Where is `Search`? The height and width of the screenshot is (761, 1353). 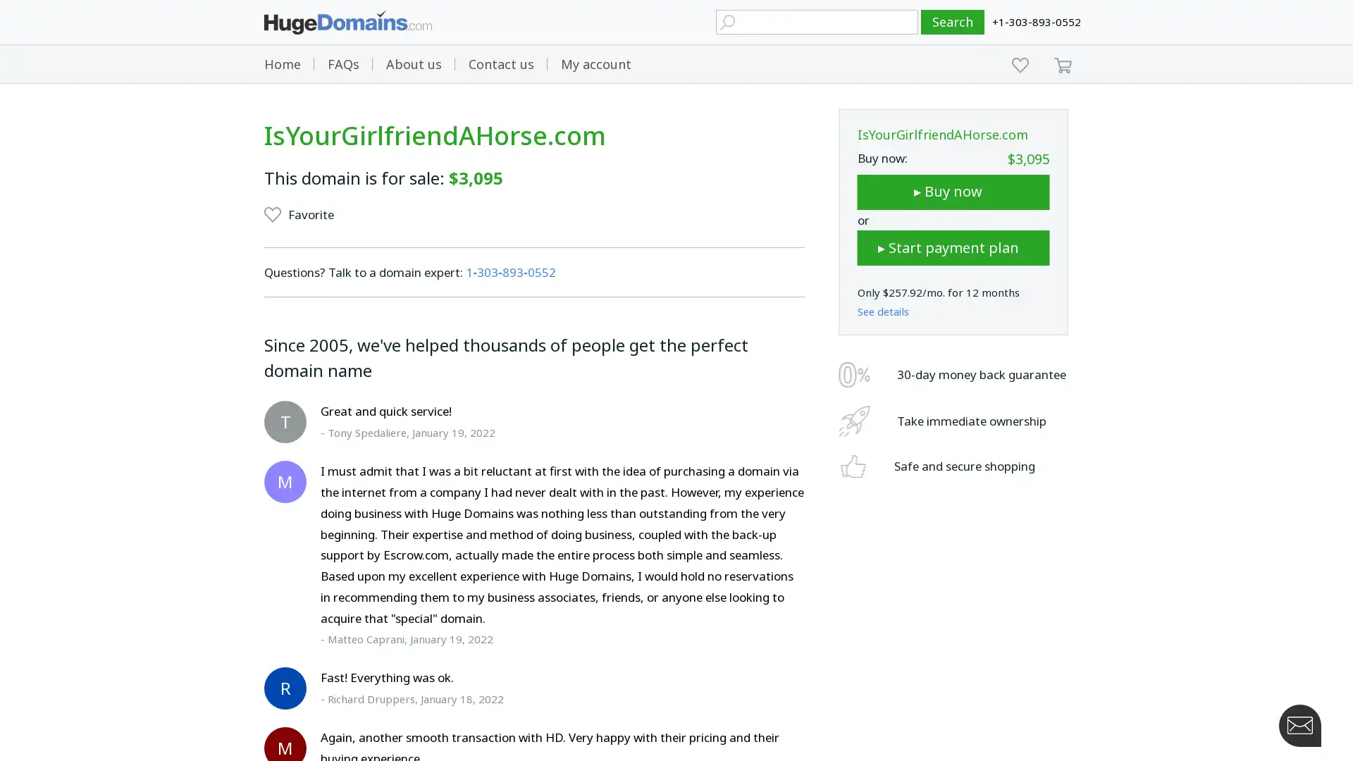
Search is located at coordinates (953, 22).